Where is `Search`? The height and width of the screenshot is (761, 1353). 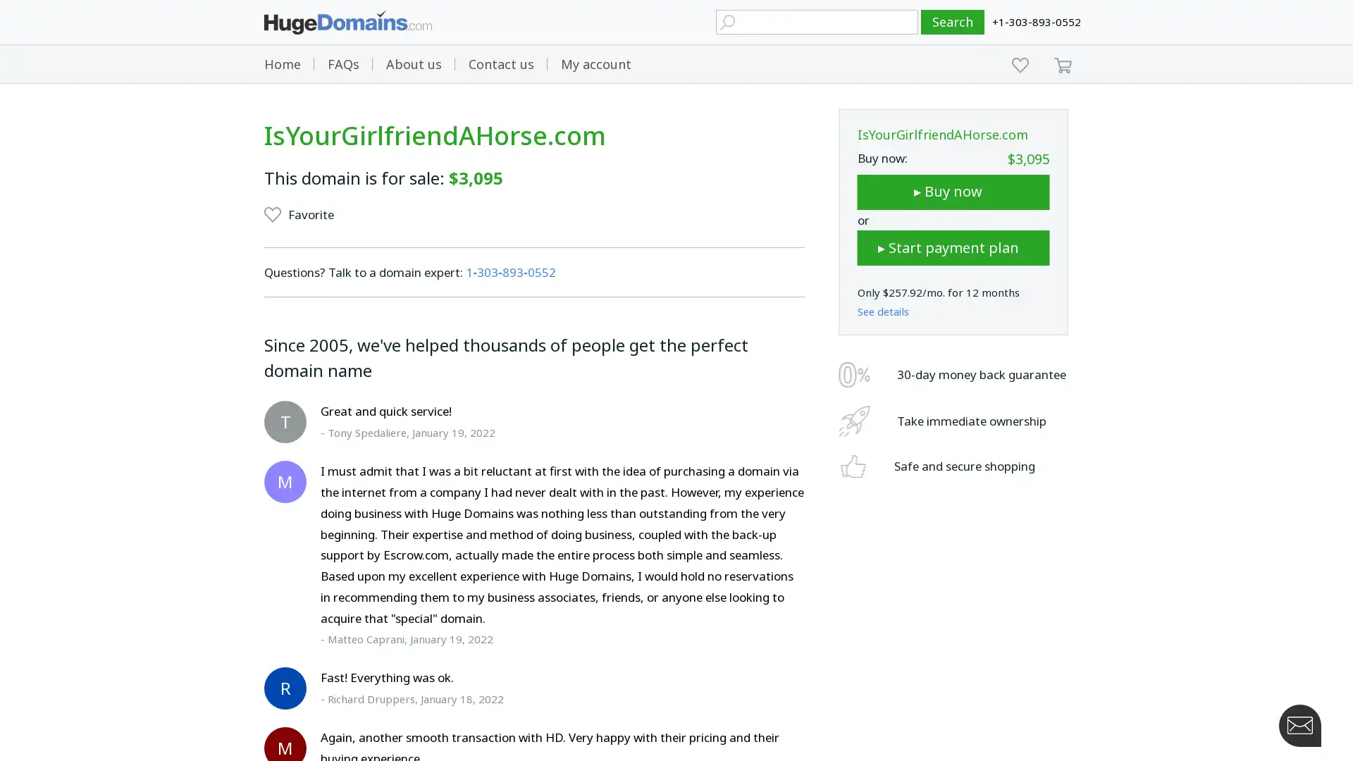
Search is located at coordinates (953, 22).